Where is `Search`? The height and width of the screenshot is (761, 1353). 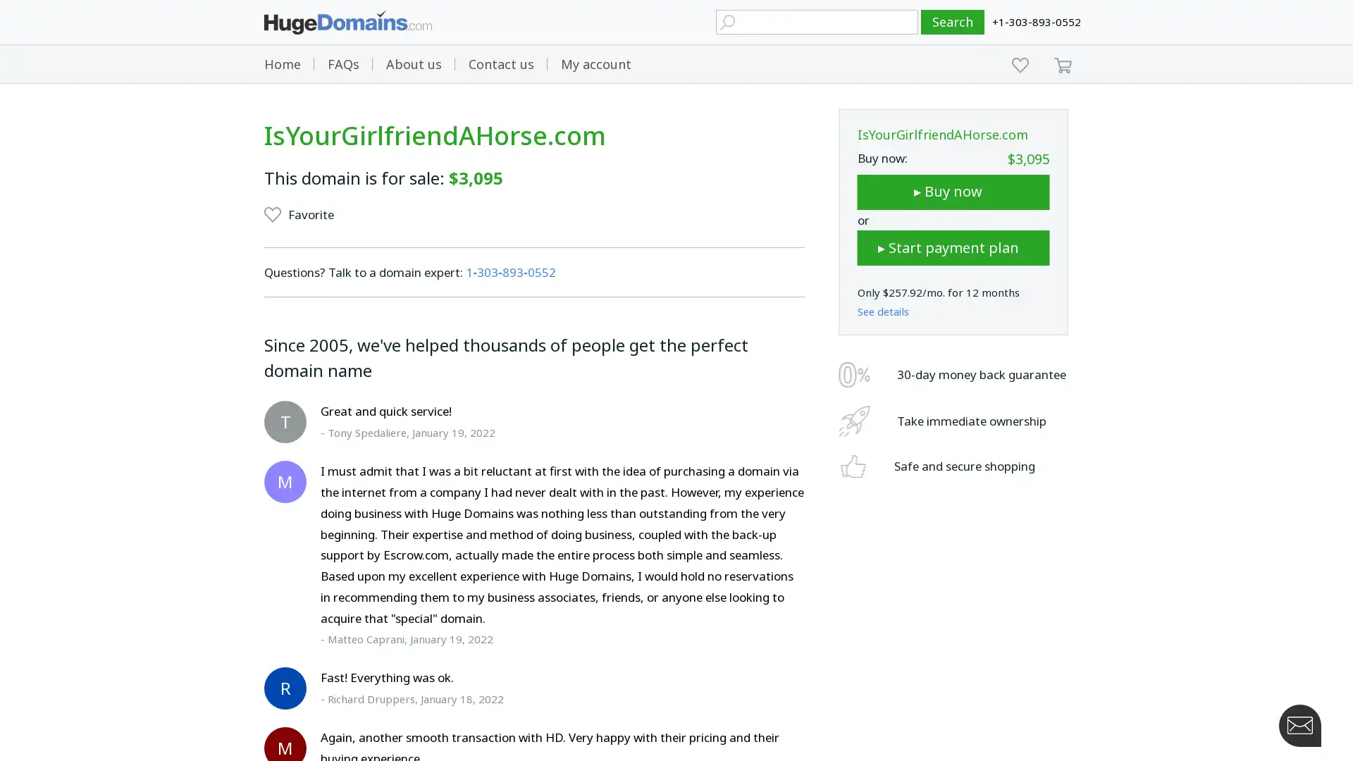
Search is located at coordinates (953, 22).